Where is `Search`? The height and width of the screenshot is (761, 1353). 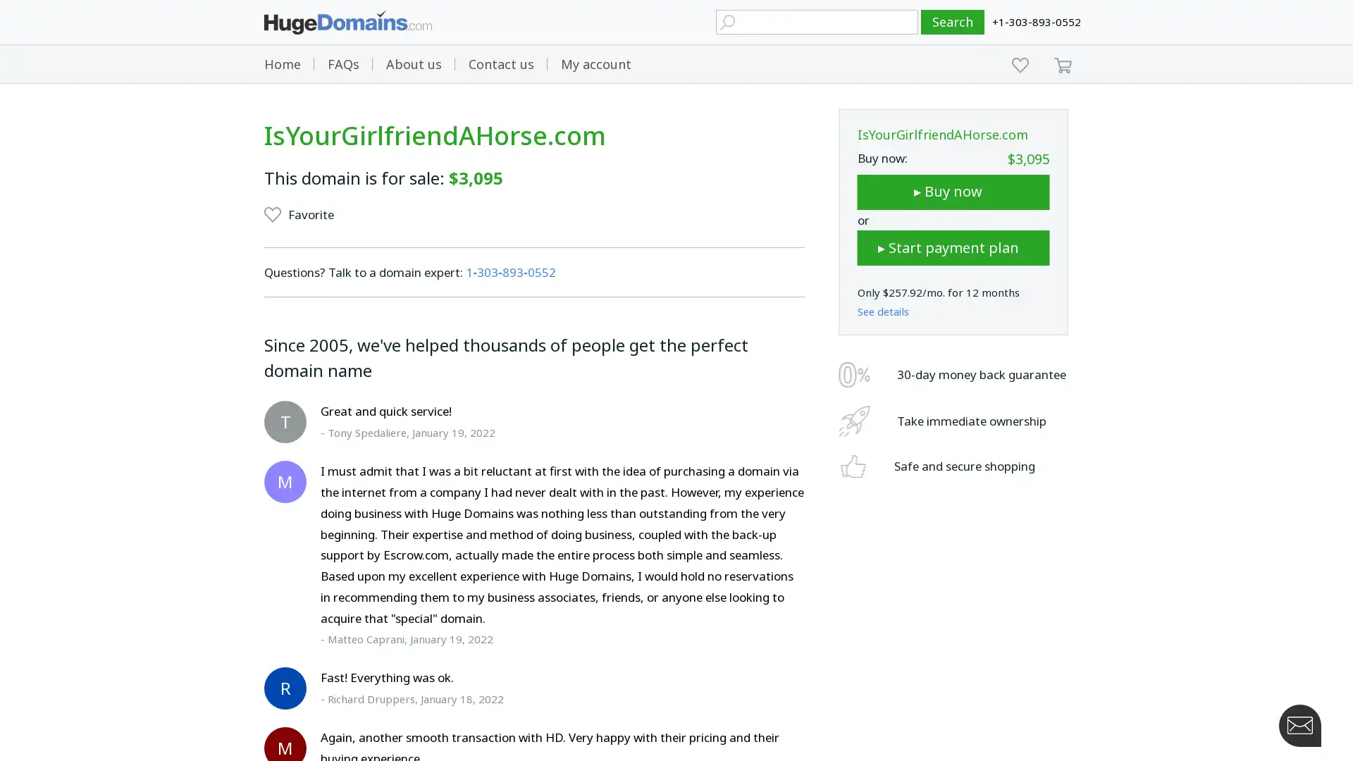
Search is located at coordinates (953, 22).